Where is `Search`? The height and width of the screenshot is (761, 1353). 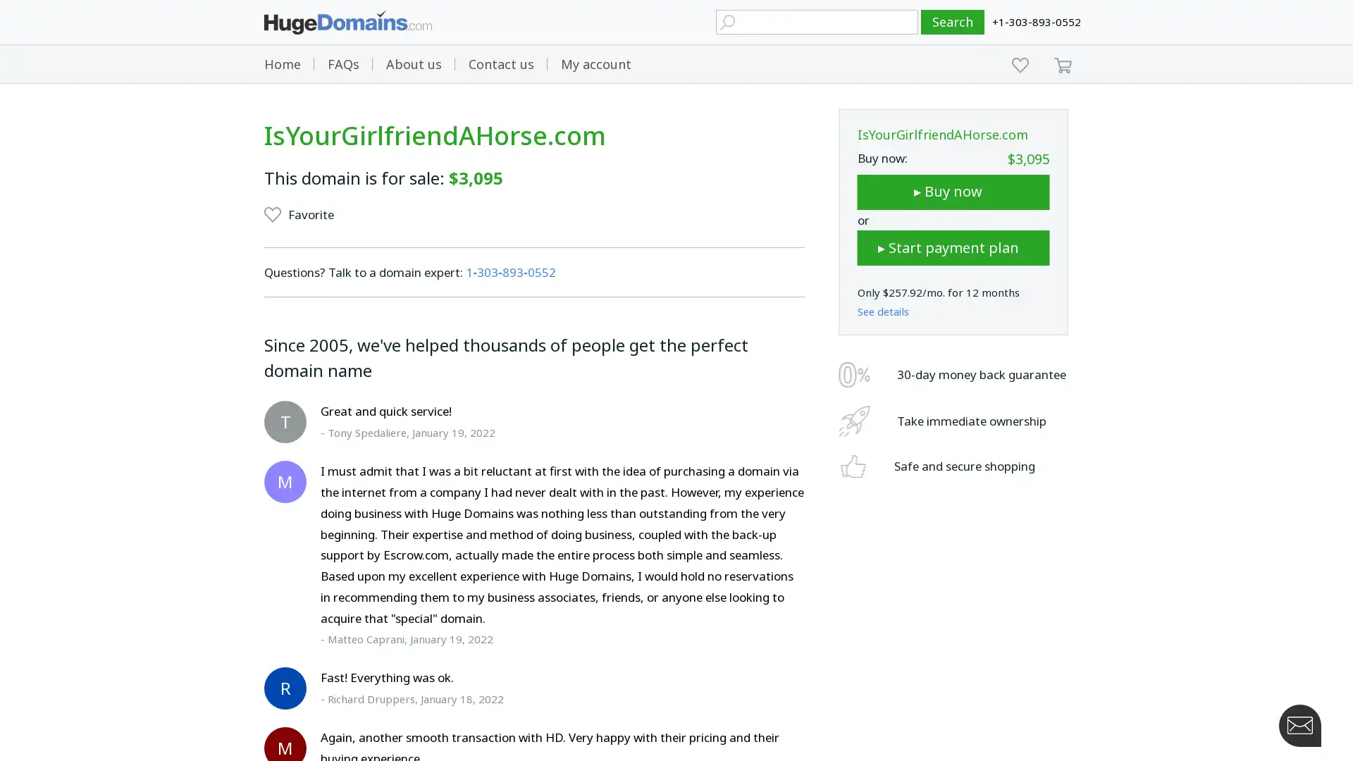
Search is located at coordinates (953, 22).